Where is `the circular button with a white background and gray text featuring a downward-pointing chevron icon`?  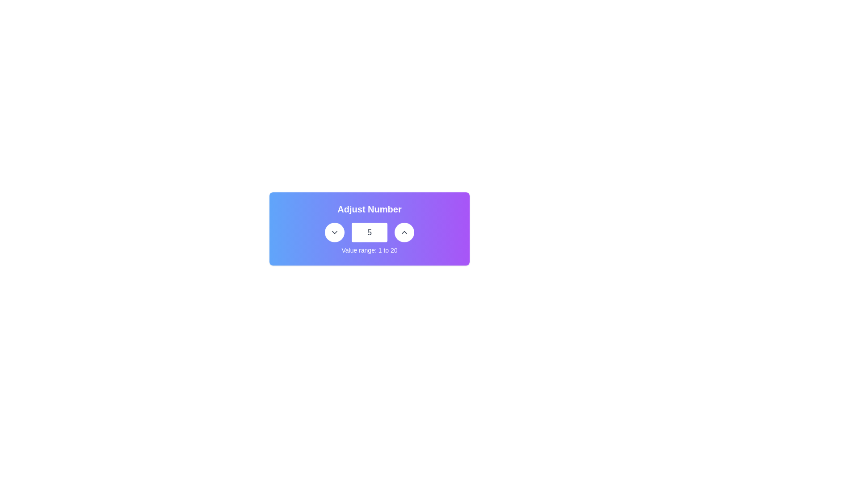
the circular button with a white background and gray text featuring a downward-pointing chevron icon is located at coordinates (334, 232).